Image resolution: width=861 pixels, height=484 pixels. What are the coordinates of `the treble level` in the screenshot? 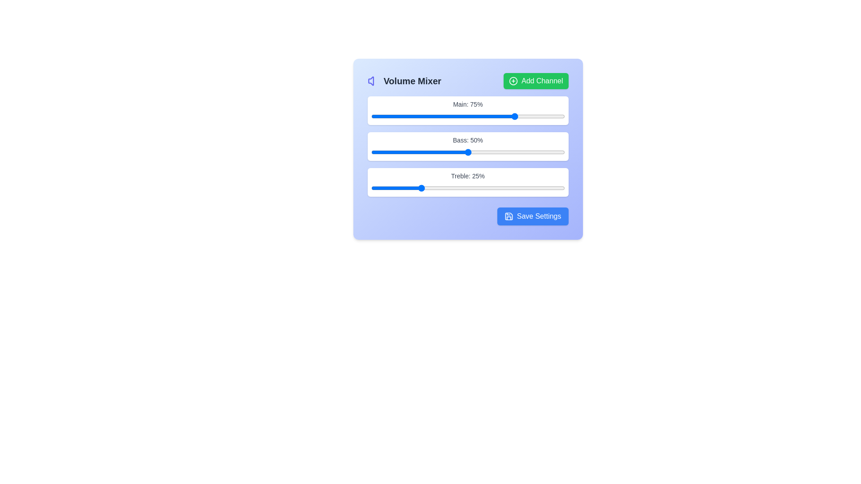 It's located at (562, 188).